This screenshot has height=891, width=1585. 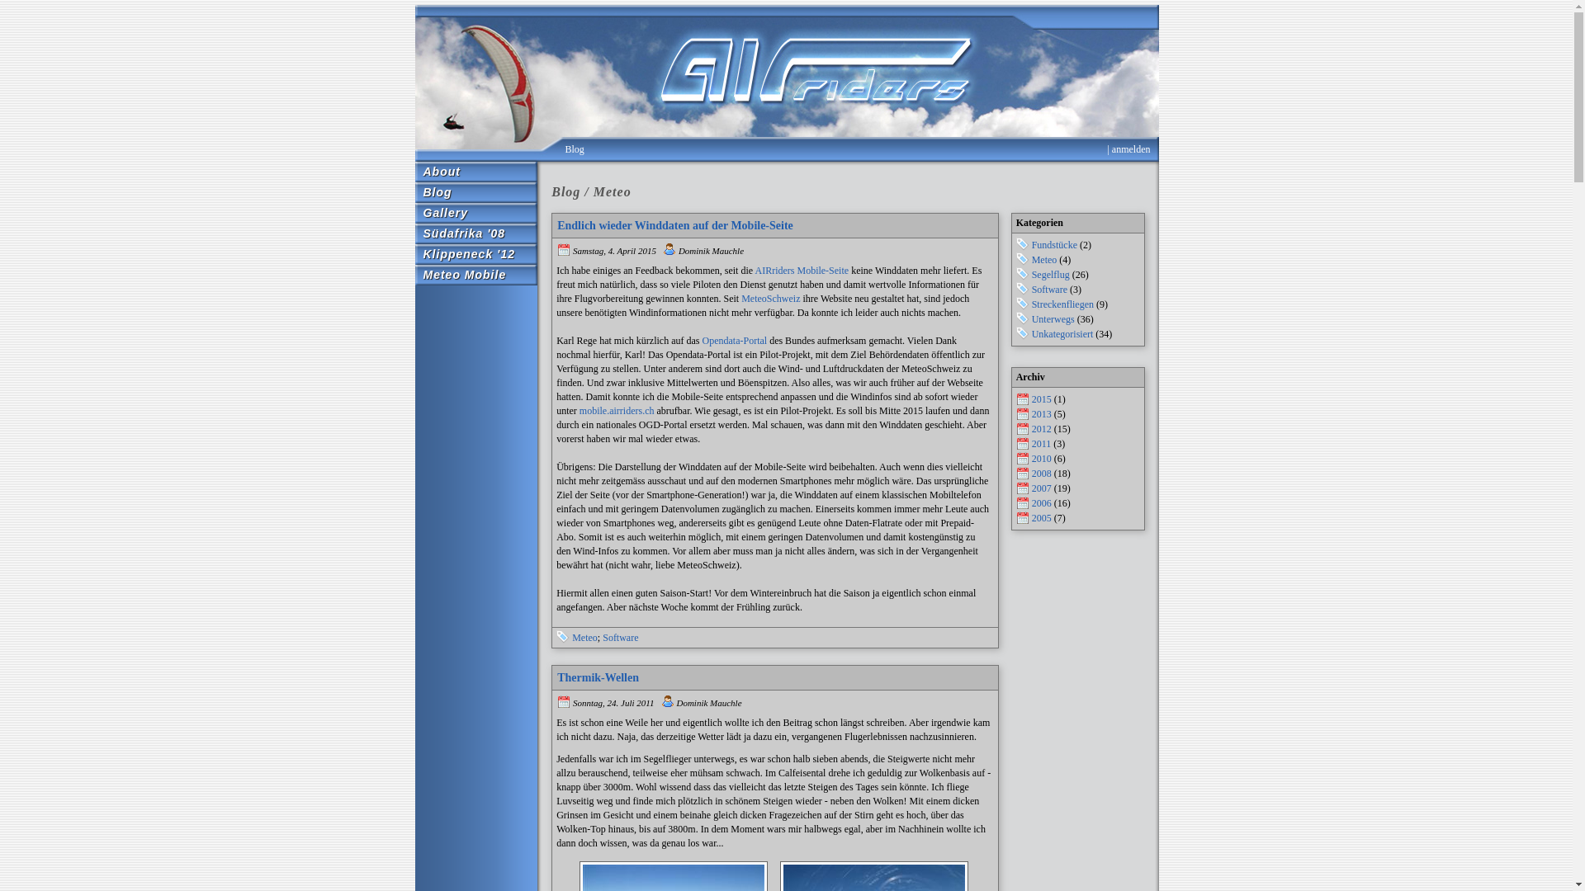 What do you see at coordinates (1112, 149) in the screenshot?
I see `'anmelden'` at bounding box center [1112, 149].